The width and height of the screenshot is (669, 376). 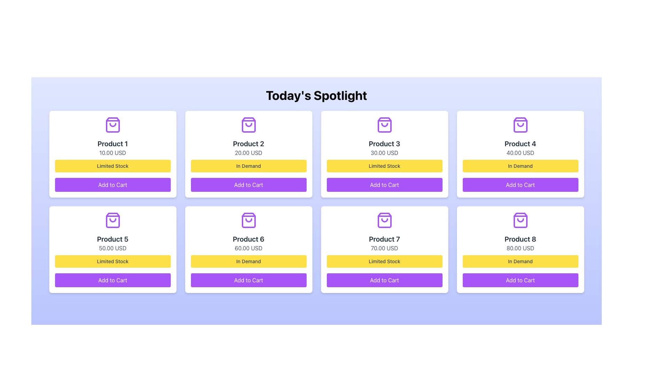 I want to click on the static text label that serves as the title or name identifier for the product in the card layout, located in the second row, first column of the grid layout, so click(x=113, y=238).